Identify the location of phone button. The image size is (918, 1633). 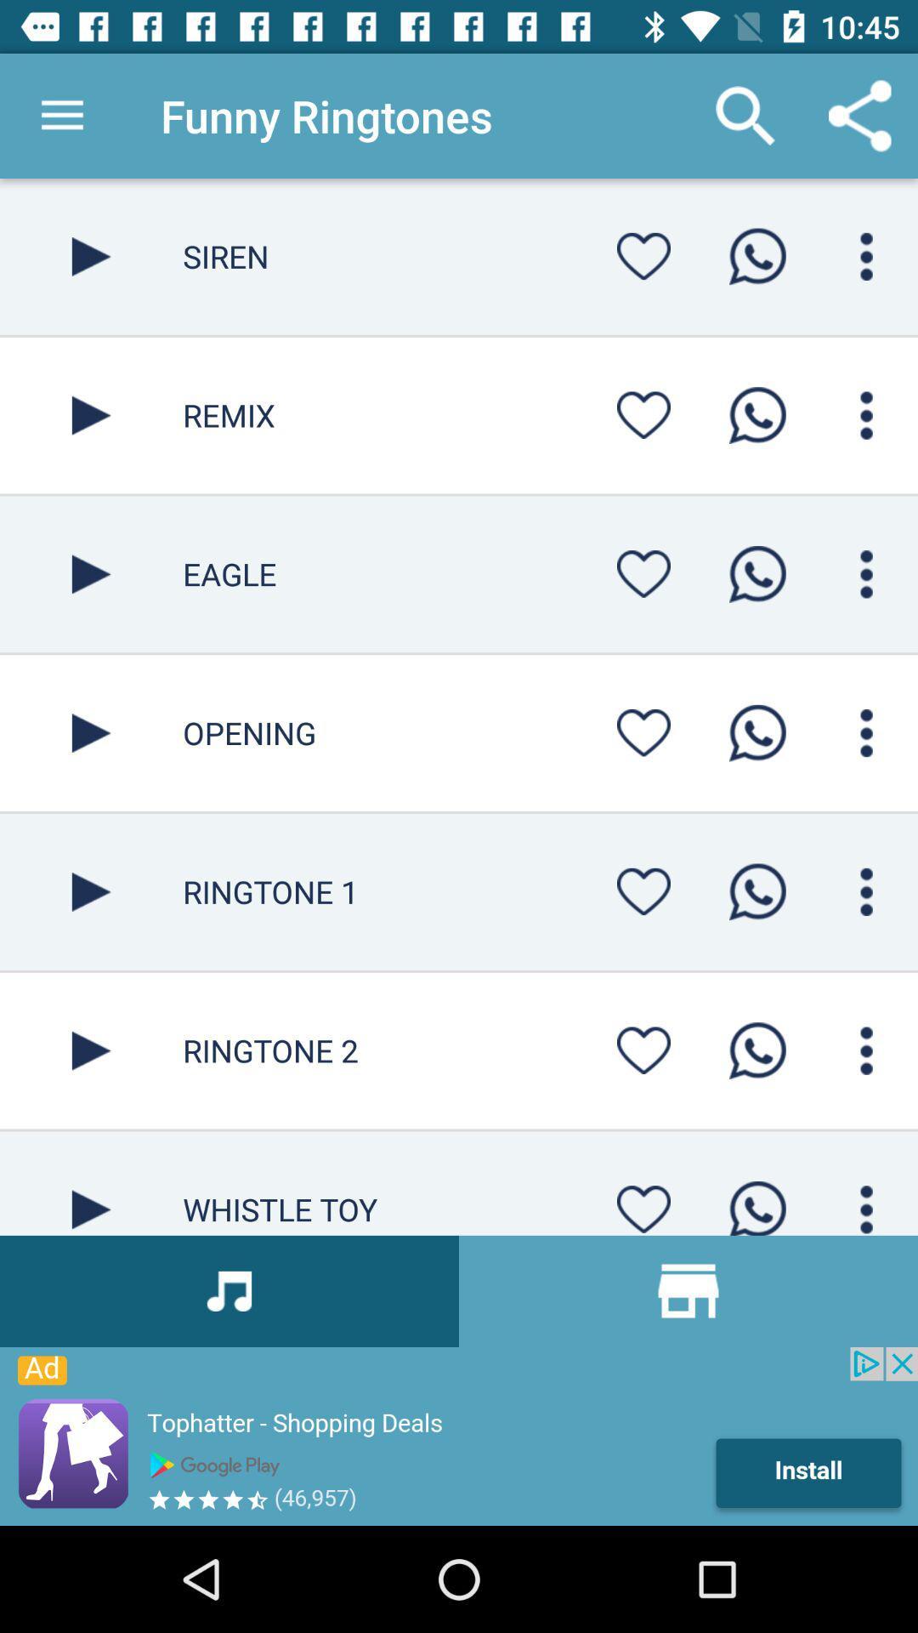
(756, 415).